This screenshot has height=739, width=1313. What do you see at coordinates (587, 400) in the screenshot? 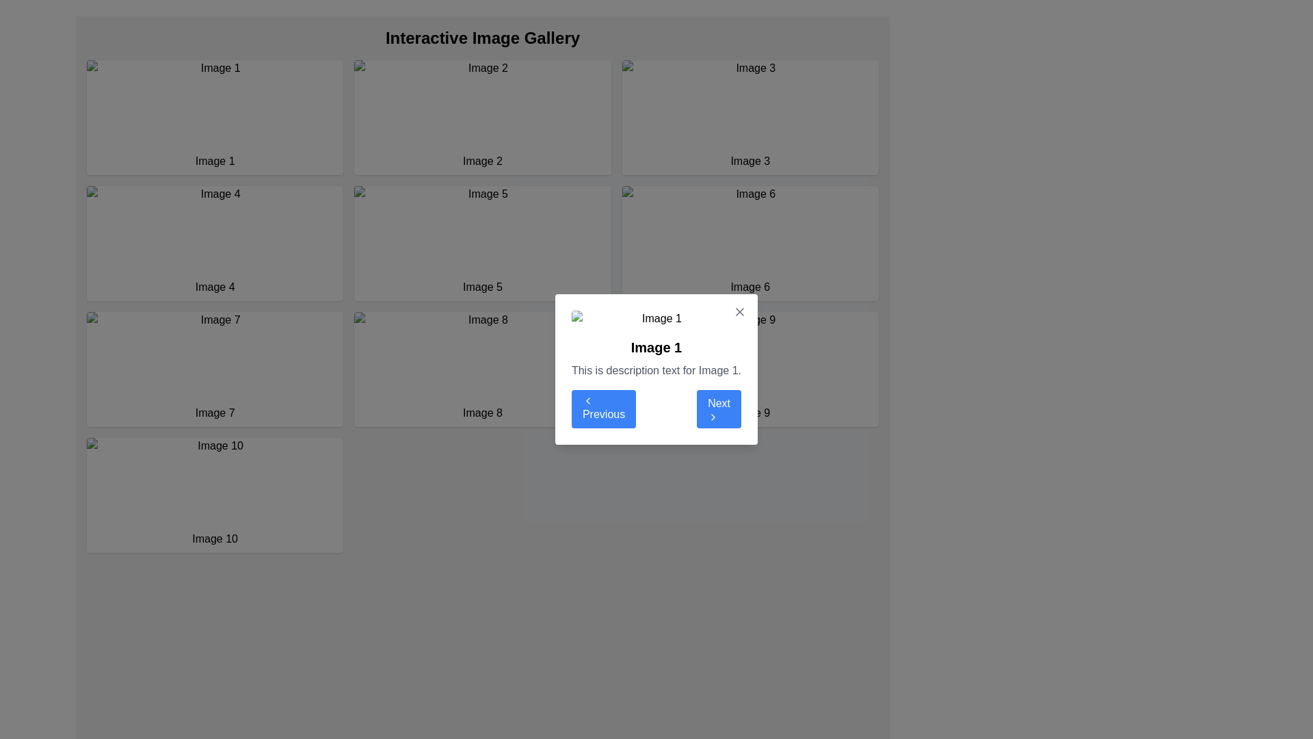
I see `the chevron icon within the 'Previous' button` at bounding box center [587, 400].